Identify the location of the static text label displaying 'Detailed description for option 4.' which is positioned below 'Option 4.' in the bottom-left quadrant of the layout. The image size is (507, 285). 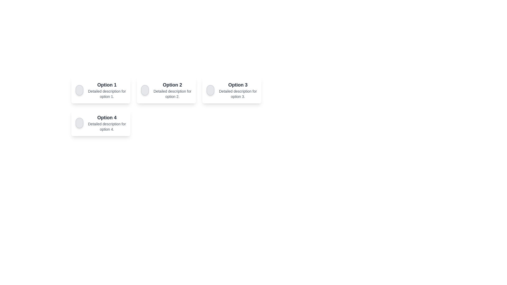
(107, 126).